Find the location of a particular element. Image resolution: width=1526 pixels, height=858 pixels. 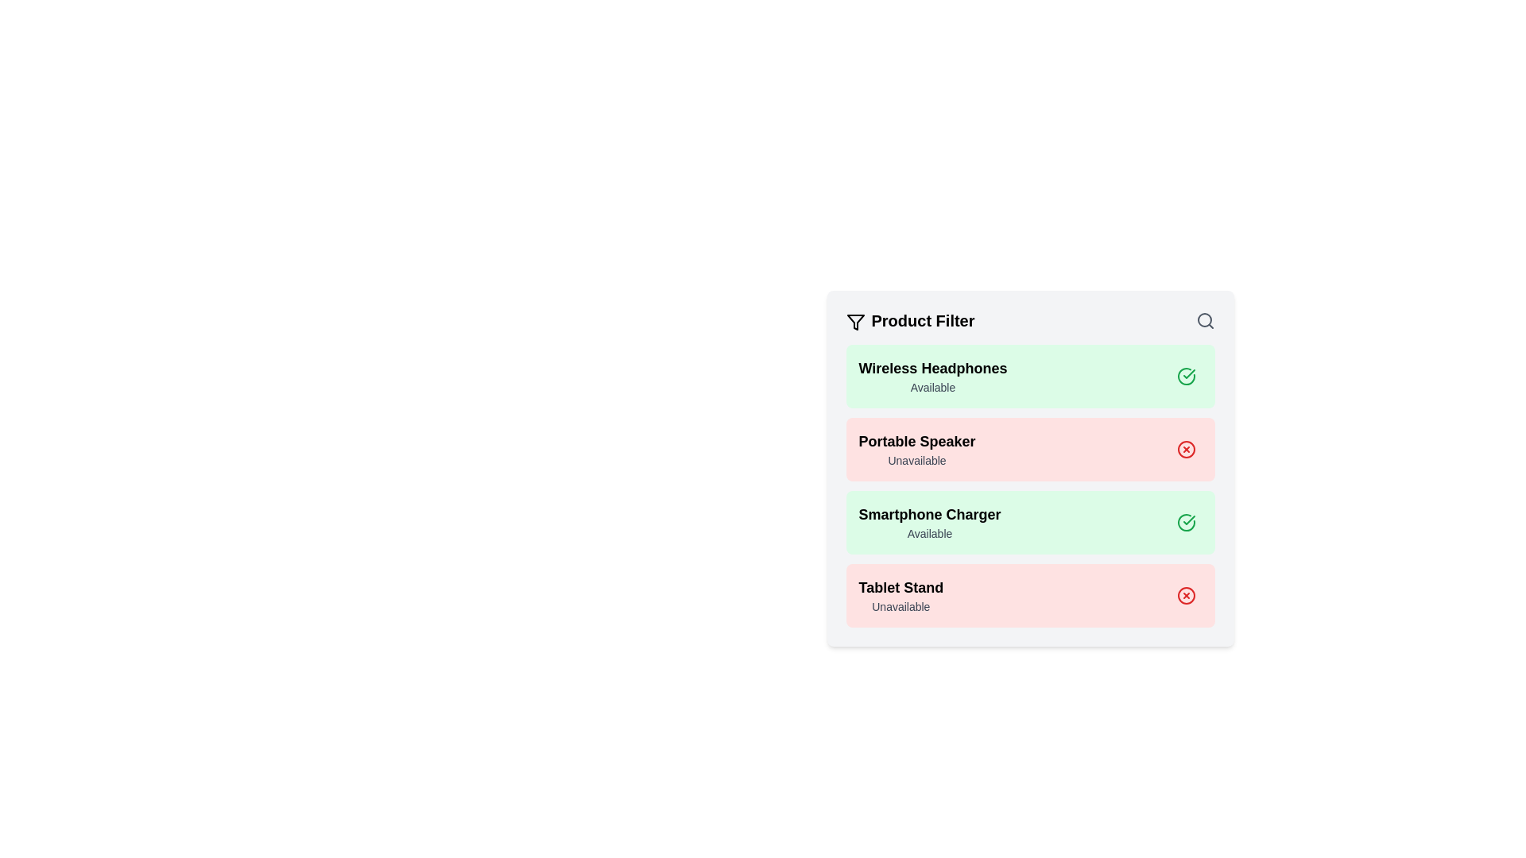

the green Status indicator icon with a checkmark symbol located at the far right of the 'Wireless Headphones' row in the product filter interface is located at coordinates (1186, 377).